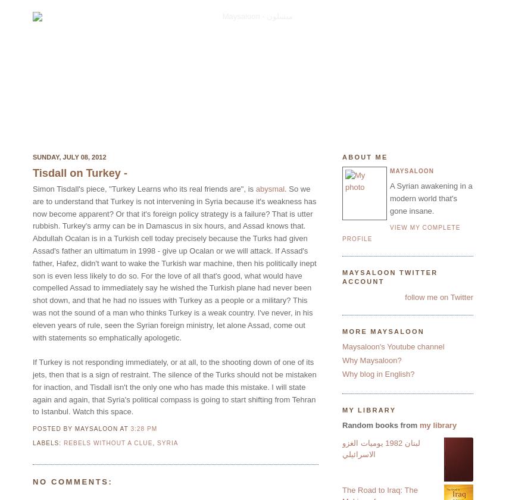 The height and width of the screenshot is (500, 506). Describe the element at coordinates (71, 481) in the screenshot. I see `'No comments:'` at that location.